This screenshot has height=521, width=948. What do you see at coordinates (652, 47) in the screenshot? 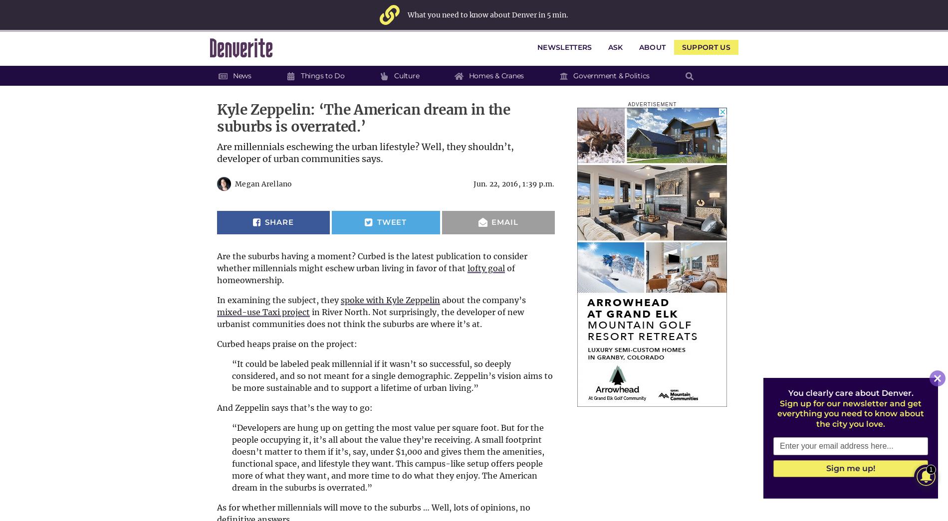
I see `'About'` at bounding box center [652, 47].